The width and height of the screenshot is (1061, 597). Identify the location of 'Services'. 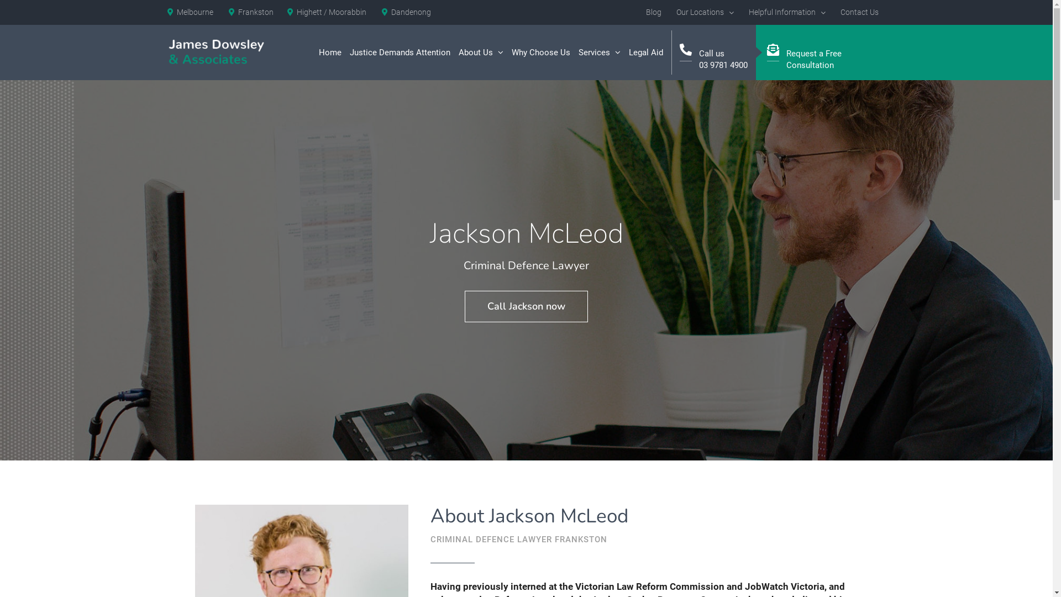
(598, 53).